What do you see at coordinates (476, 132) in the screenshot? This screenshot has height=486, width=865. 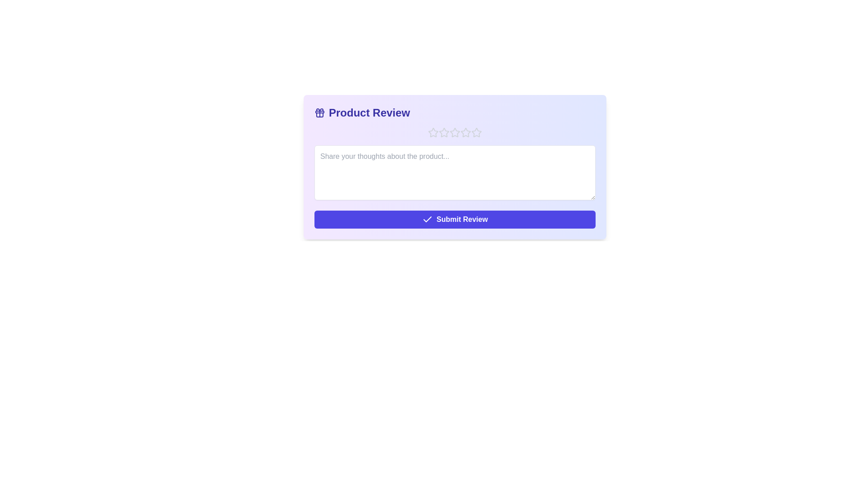 I see `the product rating to 5 stars by clicking the corresponding star` at bounding box center [476, 132].